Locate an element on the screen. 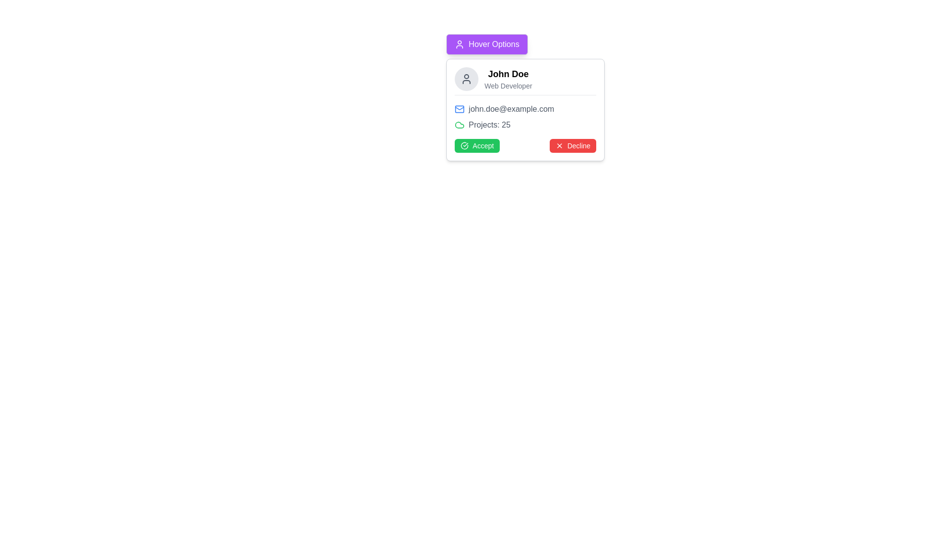 The height and width of the screenshot is (534, 950). the Profile Overview Section located at the top center of the pop-up card, which displays the user's name, role, and avatar is located at coordinates (525, 81).